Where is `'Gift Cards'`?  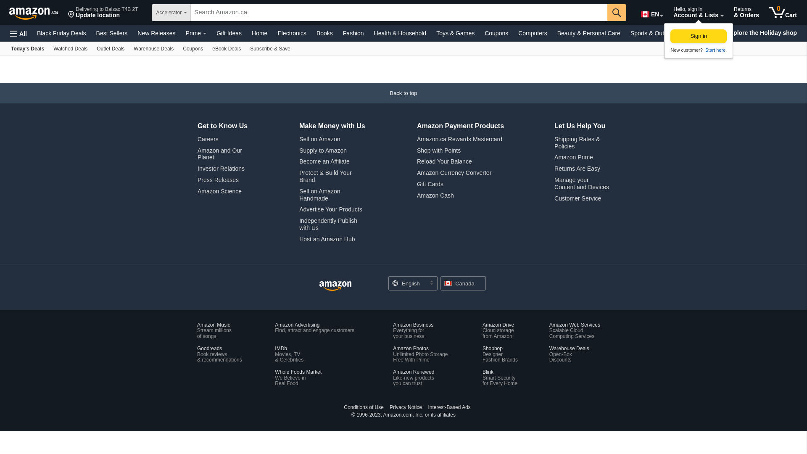 'Gift Cards' is located at coordinates (430, 184).